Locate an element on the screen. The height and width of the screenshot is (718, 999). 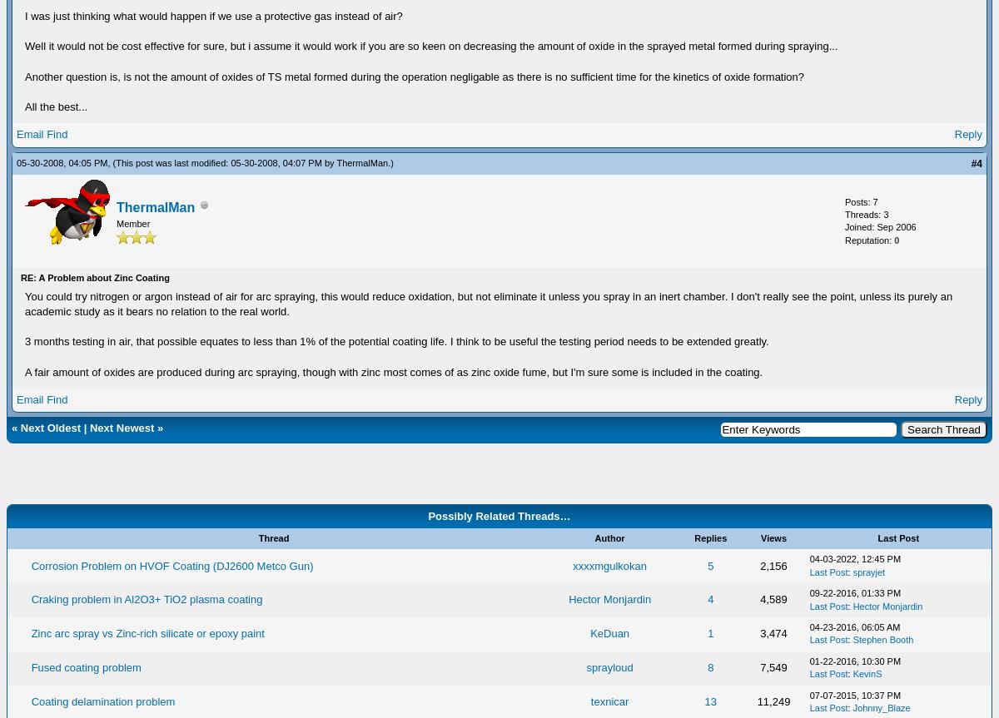
'RE: A Problem about Zinc Coating' is located at coordinates (95, 276).